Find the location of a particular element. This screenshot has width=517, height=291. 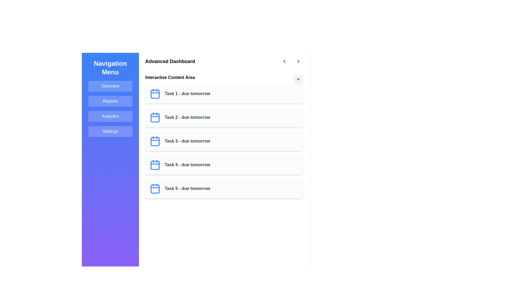

the rightward-pointing chevron arrow located in the top right section of the main content area next to the header of the 'Advanced Dashboard' is located at coordinates (298, 61).